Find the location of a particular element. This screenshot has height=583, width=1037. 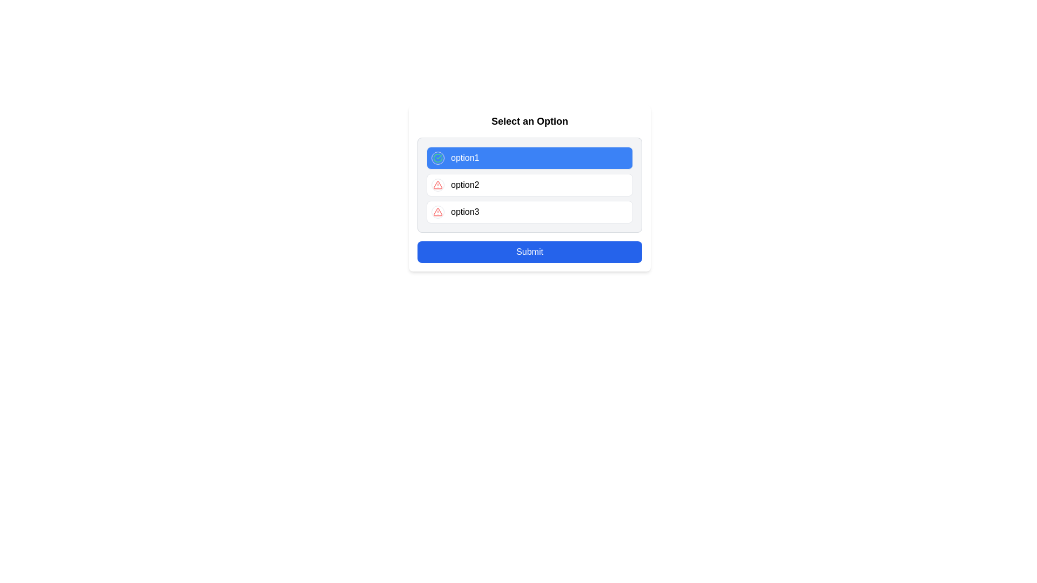

the selectable list item containing 'option2' with a red warning icon is located at coordinates (529, 187).